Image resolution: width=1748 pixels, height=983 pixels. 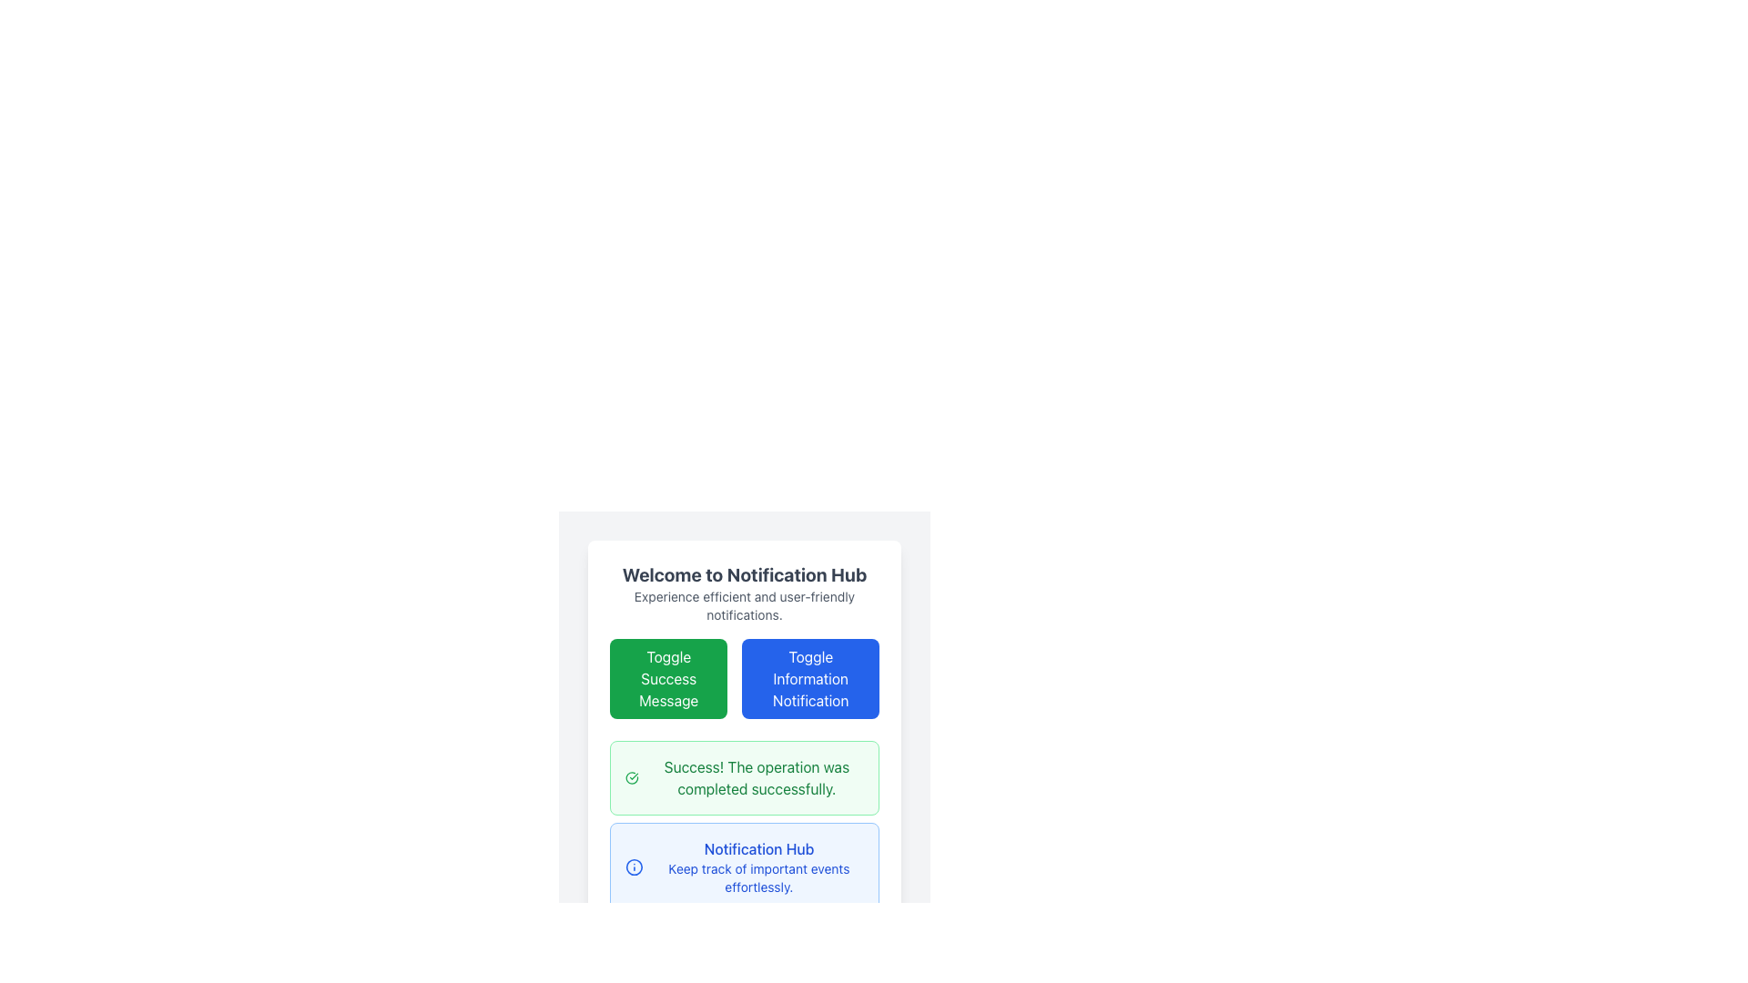 What do you see at coordinates (667, 678) in the screenshot?
I see `the green rectangular button labeled 'Toggle Success Message'` at bounding box center [667, 678].